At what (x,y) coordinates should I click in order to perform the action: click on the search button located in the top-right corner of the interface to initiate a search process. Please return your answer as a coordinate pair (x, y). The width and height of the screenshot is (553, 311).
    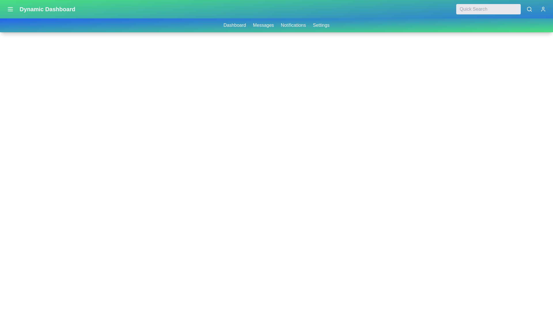
    Looking at the image, I should click on (529, 9).